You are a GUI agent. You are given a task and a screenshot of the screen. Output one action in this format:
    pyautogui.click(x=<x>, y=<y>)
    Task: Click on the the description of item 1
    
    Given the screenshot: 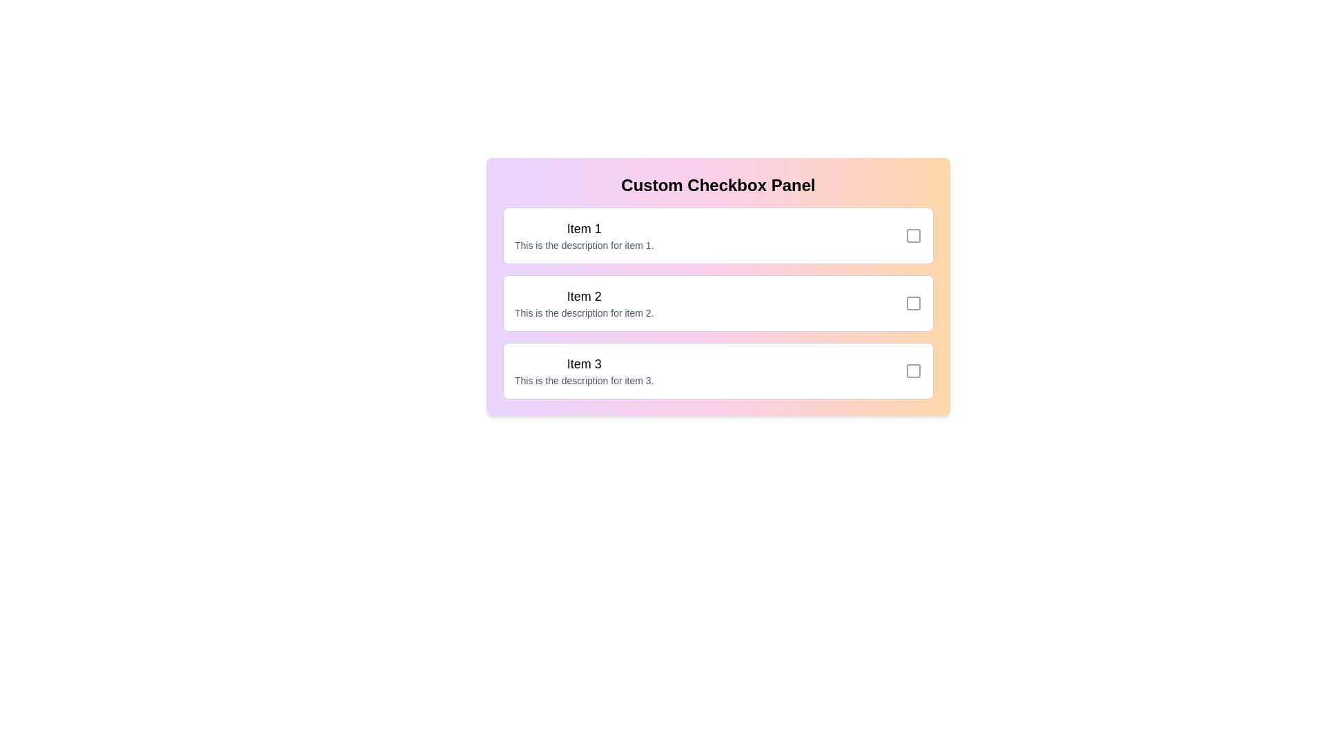 What is the action you would take?
    pyautogui.click(x=584, y=244)
    